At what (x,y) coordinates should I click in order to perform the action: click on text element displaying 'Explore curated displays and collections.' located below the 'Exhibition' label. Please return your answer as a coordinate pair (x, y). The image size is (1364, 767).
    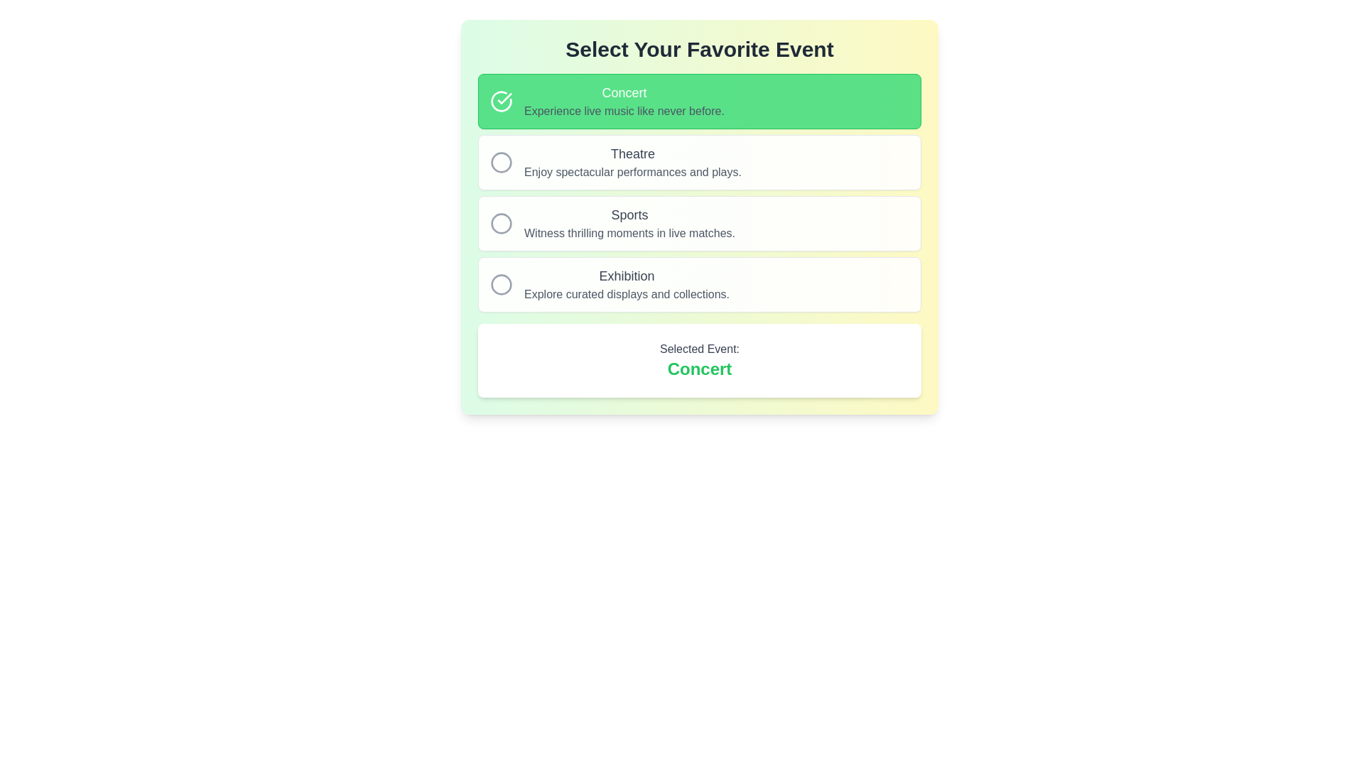
    Looking at the image, I should click on (626, 294).